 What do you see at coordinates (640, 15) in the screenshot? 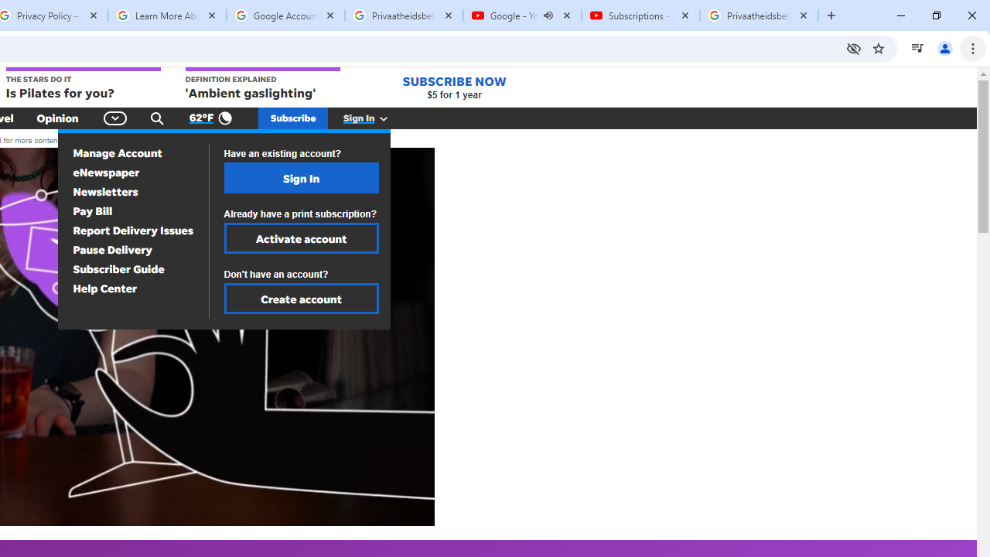
I see `'Subscriptions - YouTube'` at bounding box center [640, 15].